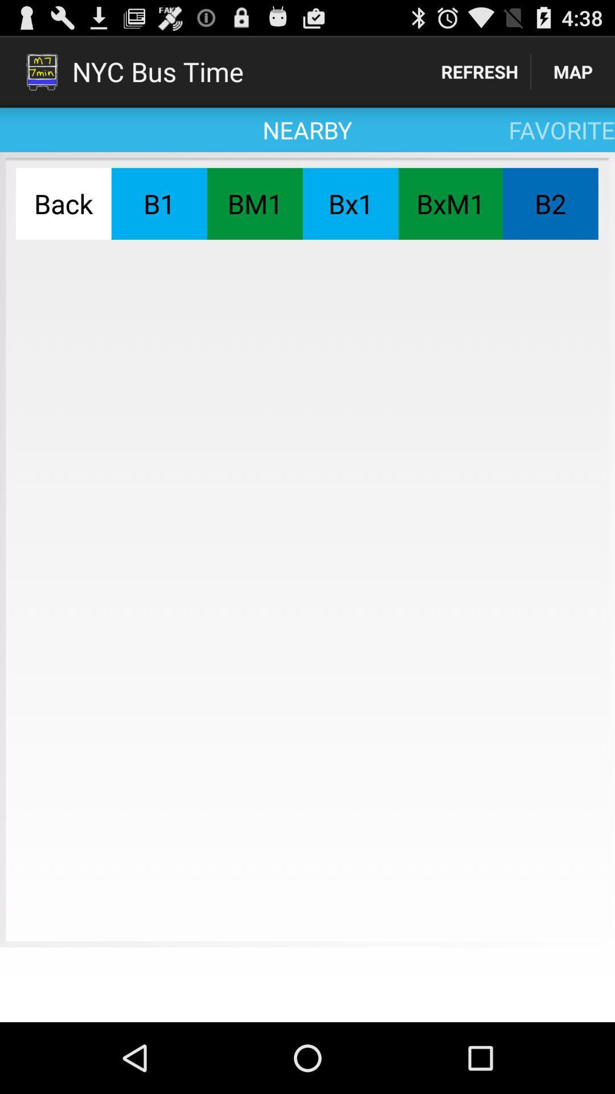  I want to click on the button next to the bm1 button, so click(159, 203).